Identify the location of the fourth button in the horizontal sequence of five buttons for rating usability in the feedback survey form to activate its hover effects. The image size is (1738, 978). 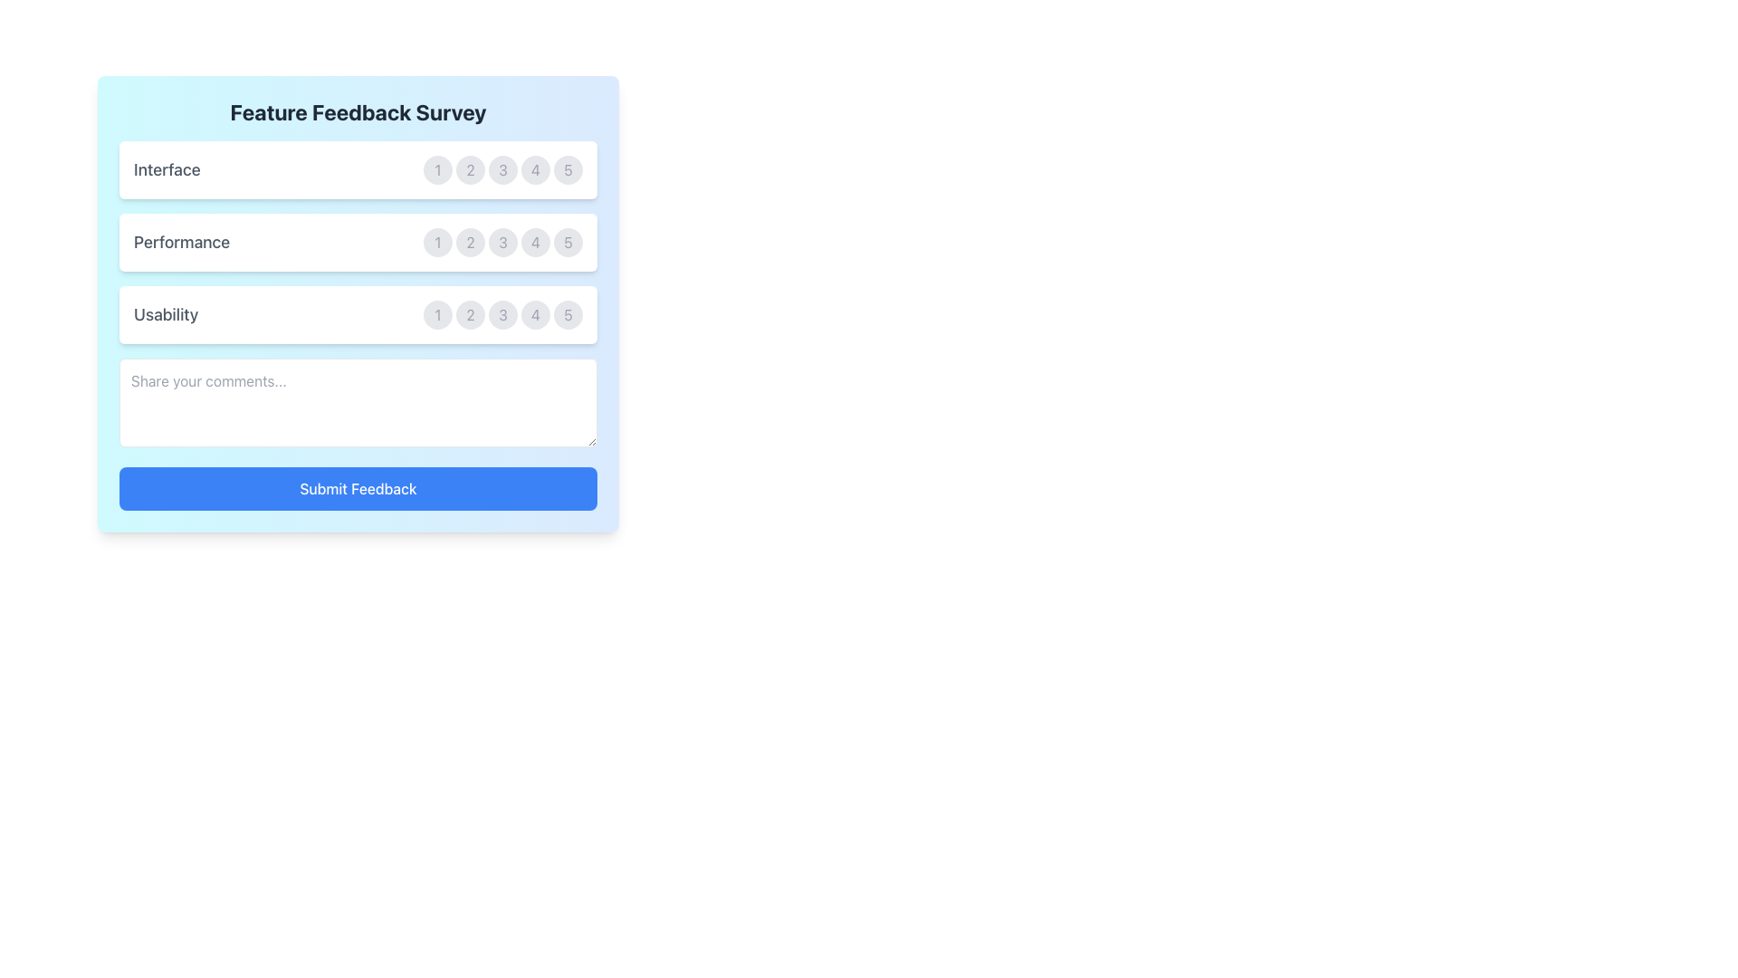
(534, 313).